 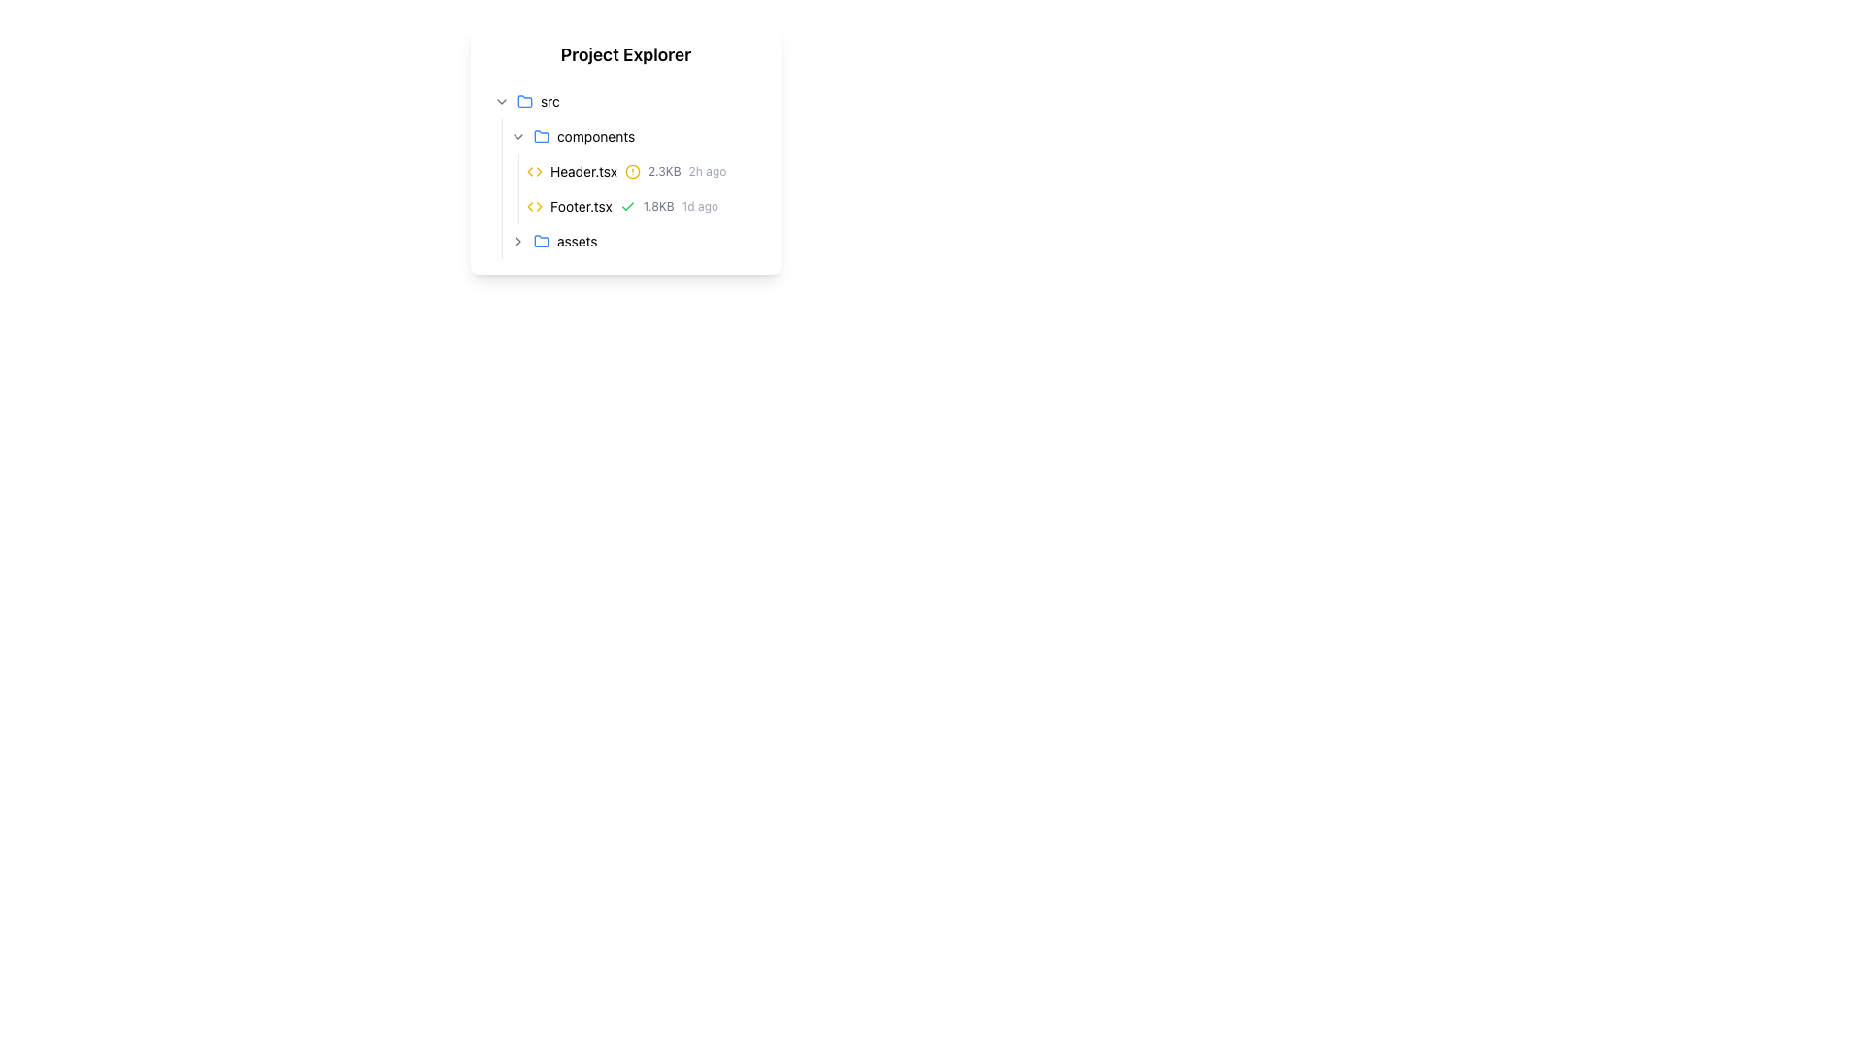 I want to click on displayed information from the informational label indicating metadata for the 'Footer.tsx' file, which shows its size and modification time, so click(x=669, y=206).